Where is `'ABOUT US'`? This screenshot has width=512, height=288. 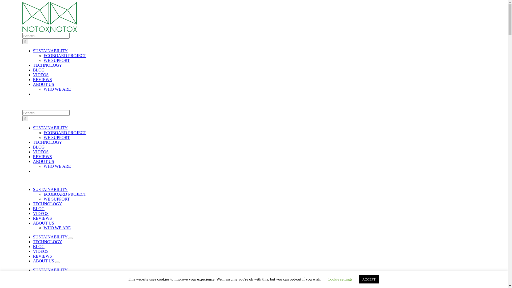
'ABOUT US' is located at coordinates (44, 261).